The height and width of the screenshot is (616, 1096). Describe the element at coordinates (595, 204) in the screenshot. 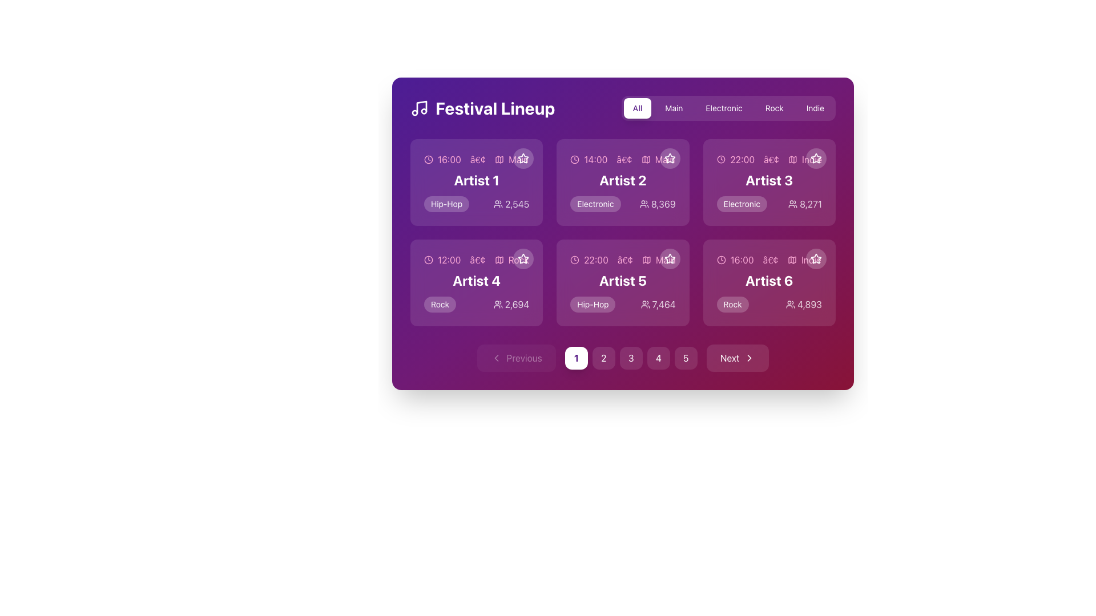

I see `the category label indicating the music genre 'Electronic' for 'Artist 2', which is positioned adjacent to the text '8,369'` at that location.